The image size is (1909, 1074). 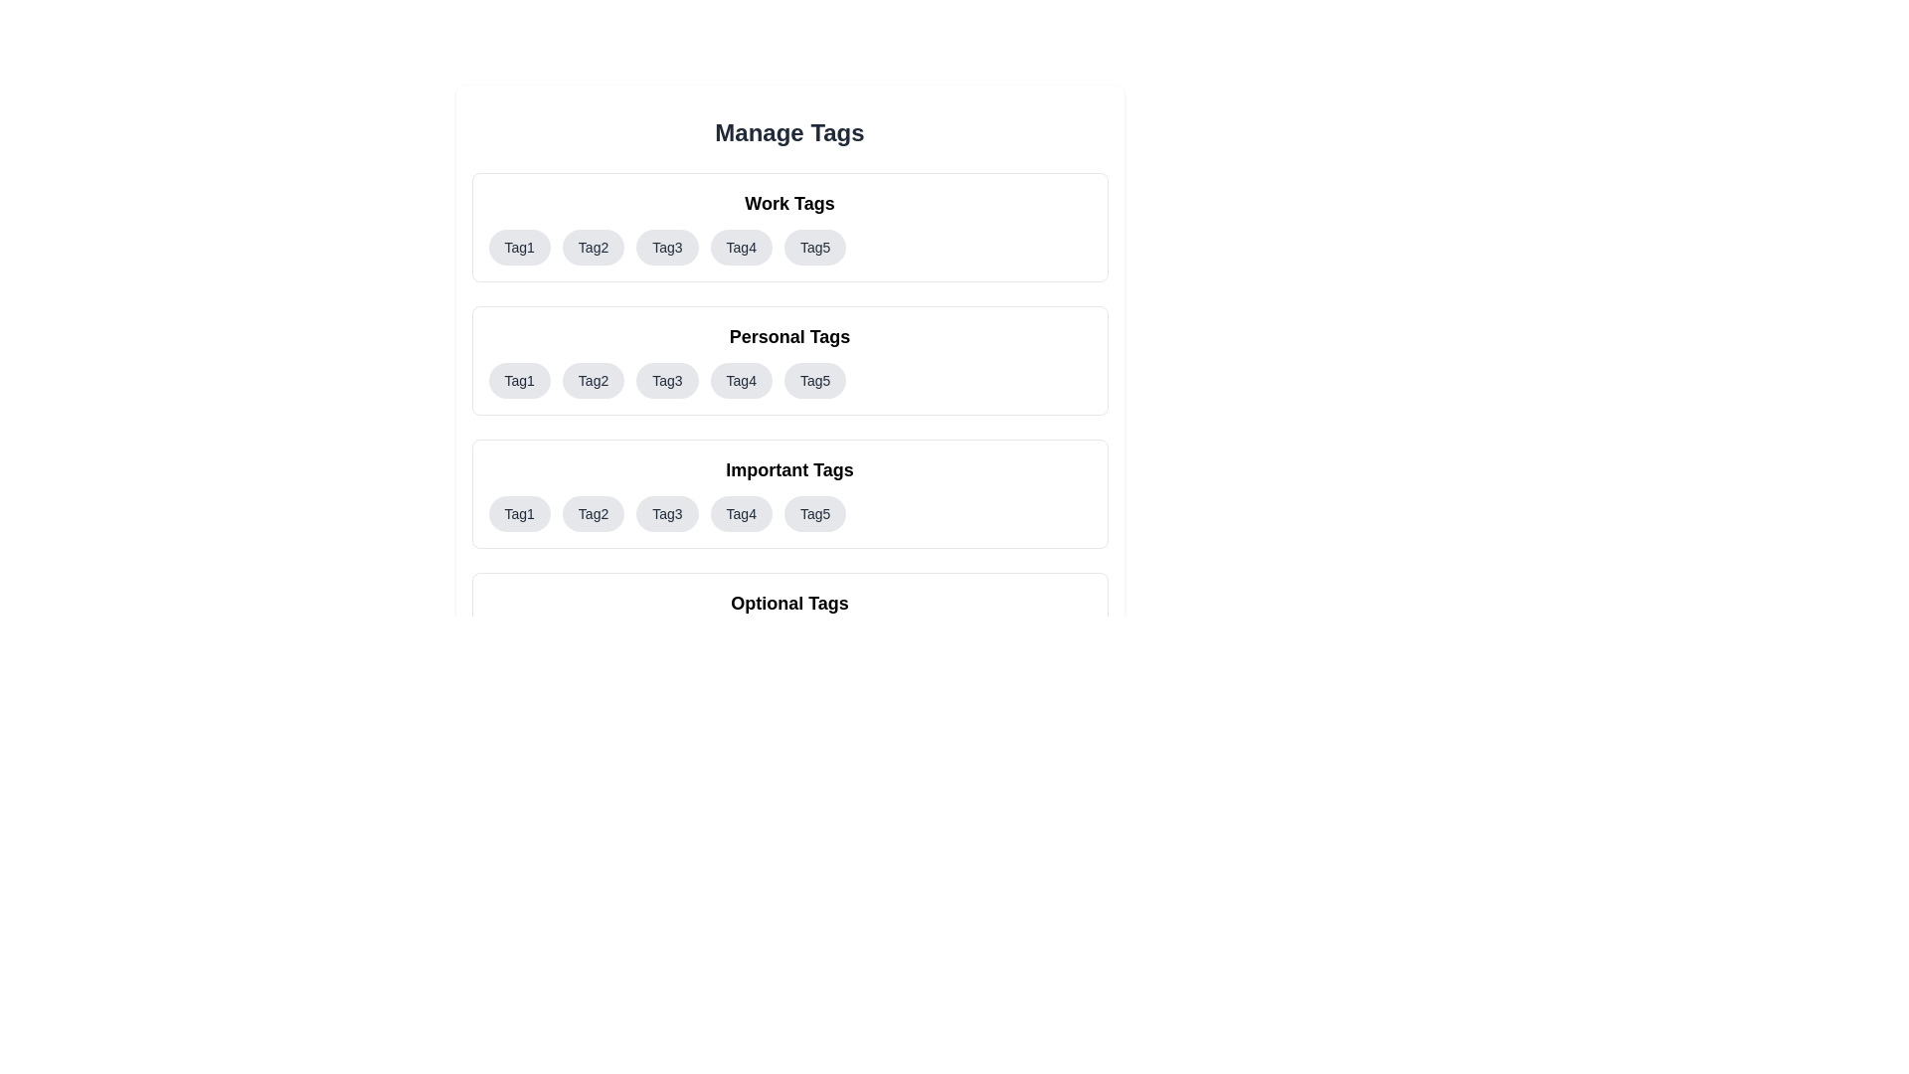 What do you see at coordinates (815, 247) in the screenshot?
I see `the fifth button labeled 'Tag5' in the 'Work Tags' section` at bounding box center [815, 247].